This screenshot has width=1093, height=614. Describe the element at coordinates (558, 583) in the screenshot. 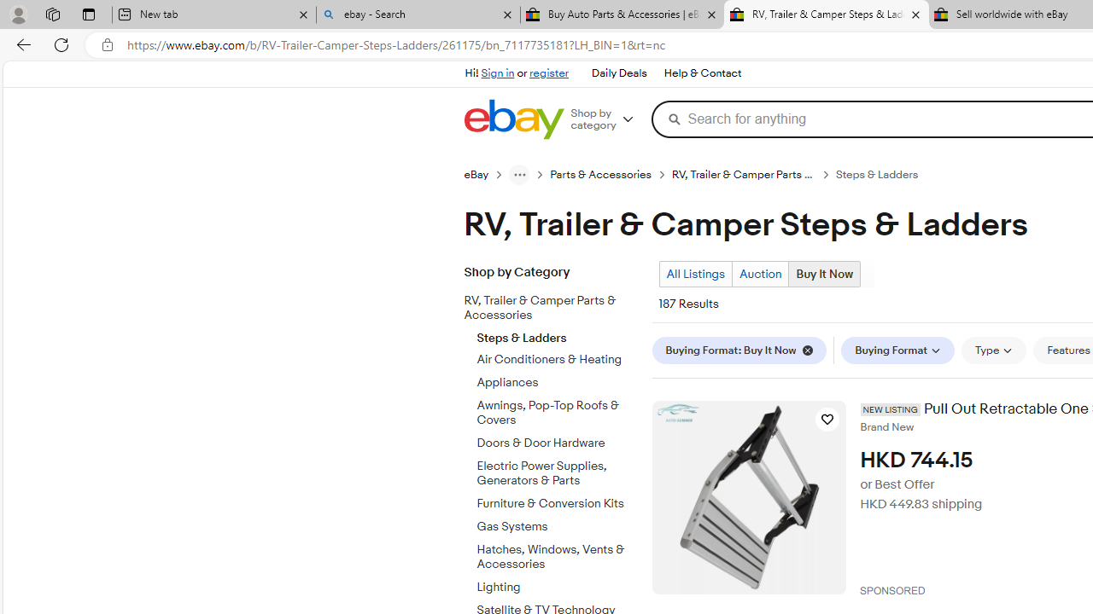

I see `'Lighting'` at that location.